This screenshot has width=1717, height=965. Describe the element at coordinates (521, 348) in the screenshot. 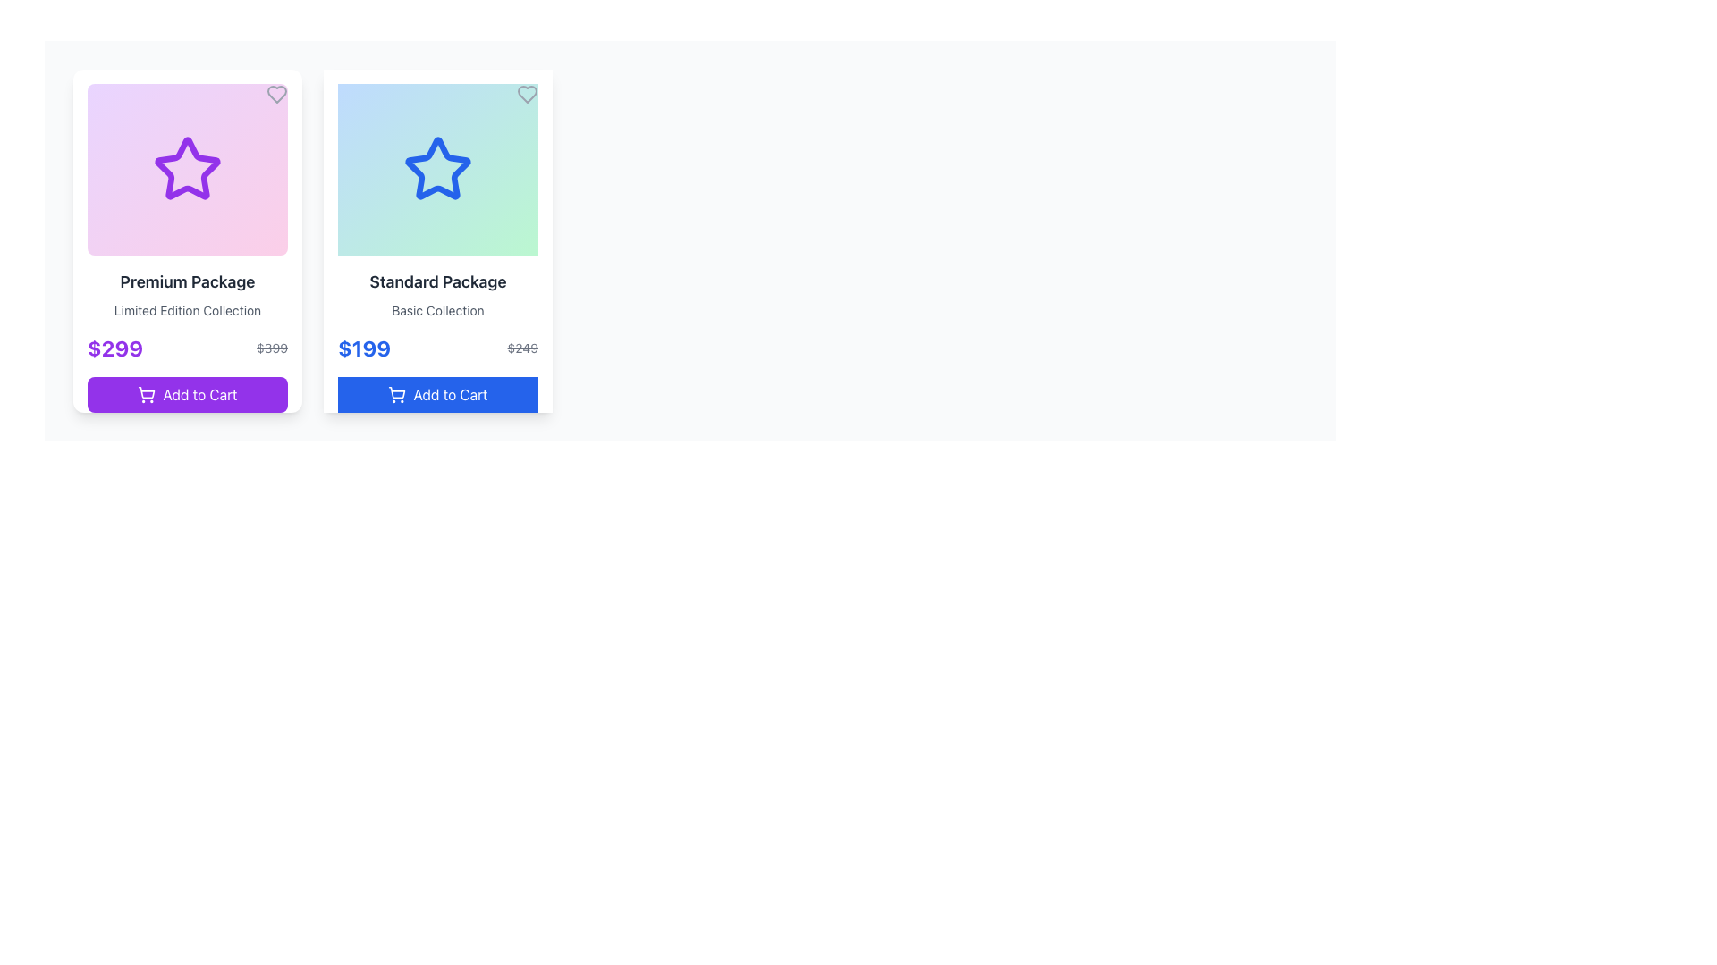

I see `the Price label displaying the struck-through price '$249' in gray color located in the 'Standard Package' card` at that location.